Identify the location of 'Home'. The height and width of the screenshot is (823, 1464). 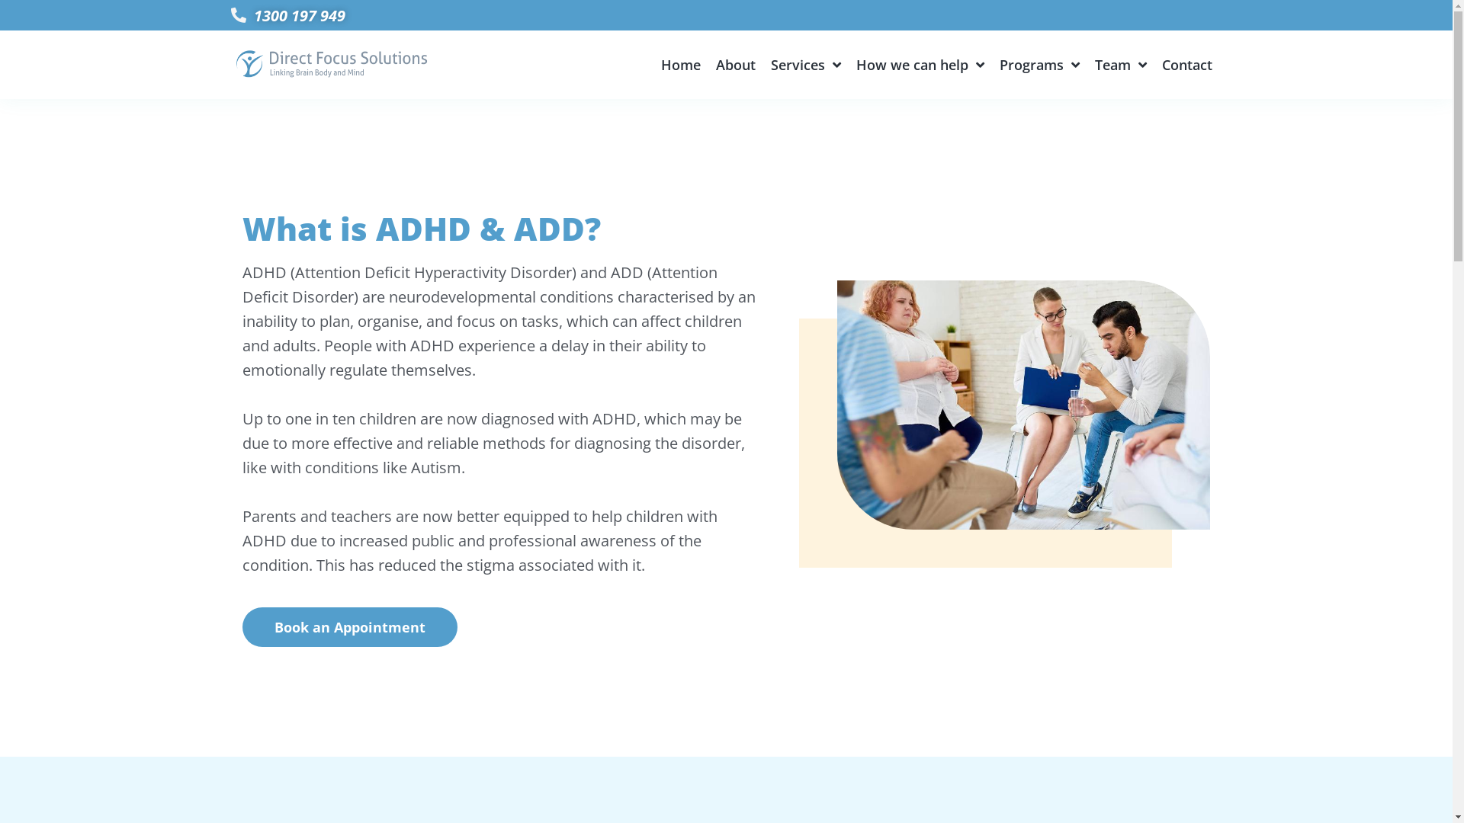
(661, 63).